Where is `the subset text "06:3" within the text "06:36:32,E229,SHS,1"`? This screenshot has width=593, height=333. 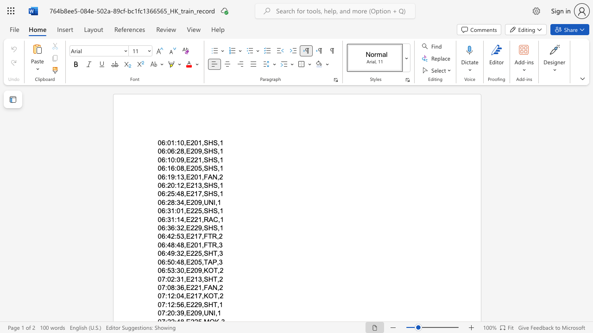
the subset text "06:3" within the text "06:36:32,E229,SHS,1" is located at coordinates (158, 228).